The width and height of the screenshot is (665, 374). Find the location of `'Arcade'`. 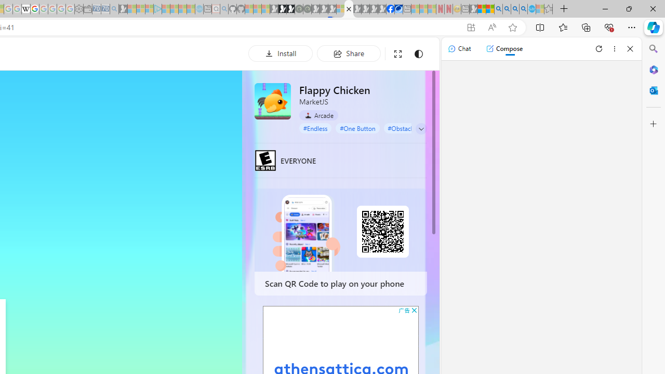

'Arcade' is located at coordinates (318, 115).